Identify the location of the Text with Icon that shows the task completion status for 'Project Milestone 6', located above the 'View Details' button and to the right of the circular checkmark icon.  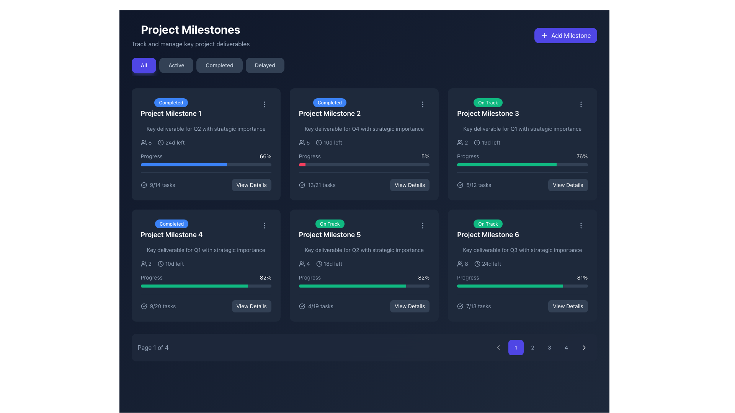
(474, 306).